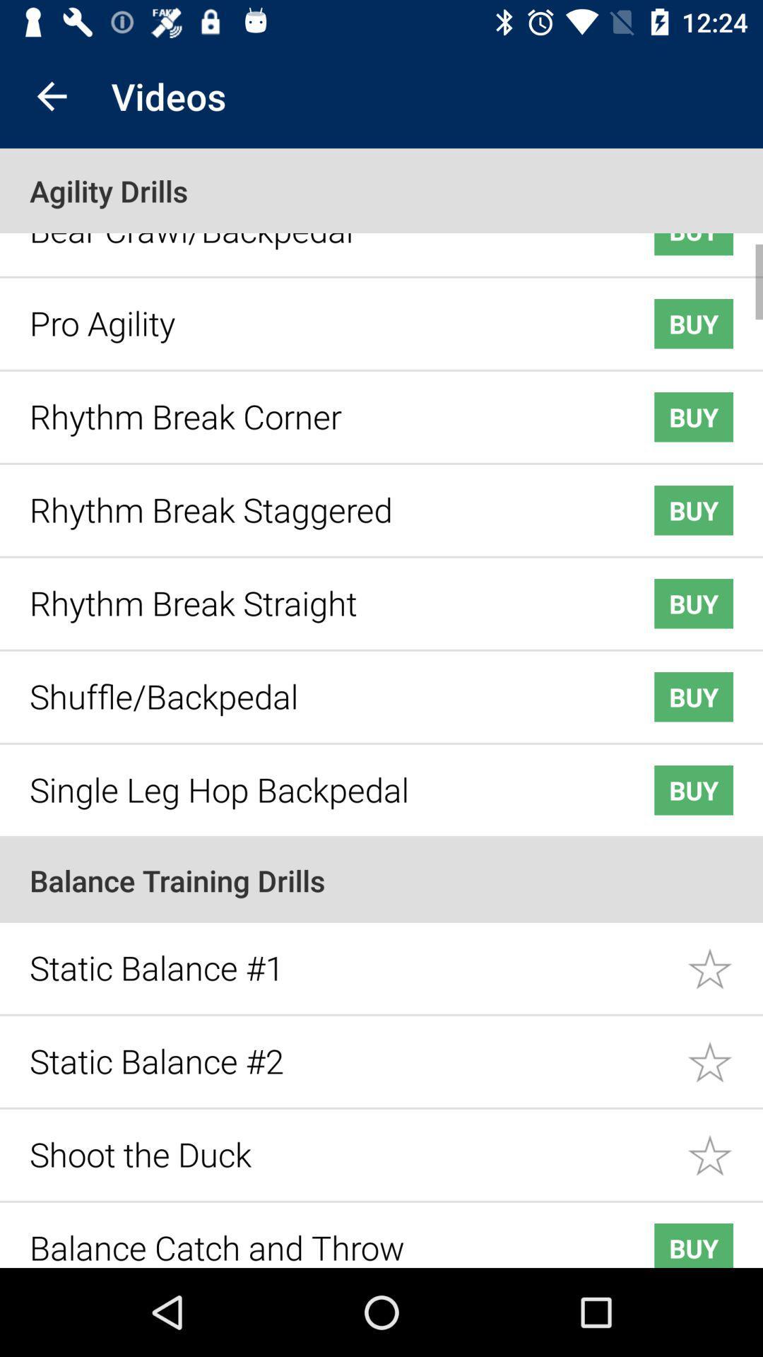 This screenshot has width=763, height=1357. Describe the element at coordinates (319, 778) in the screenshot. I see `item to the left of buy item` at that location.